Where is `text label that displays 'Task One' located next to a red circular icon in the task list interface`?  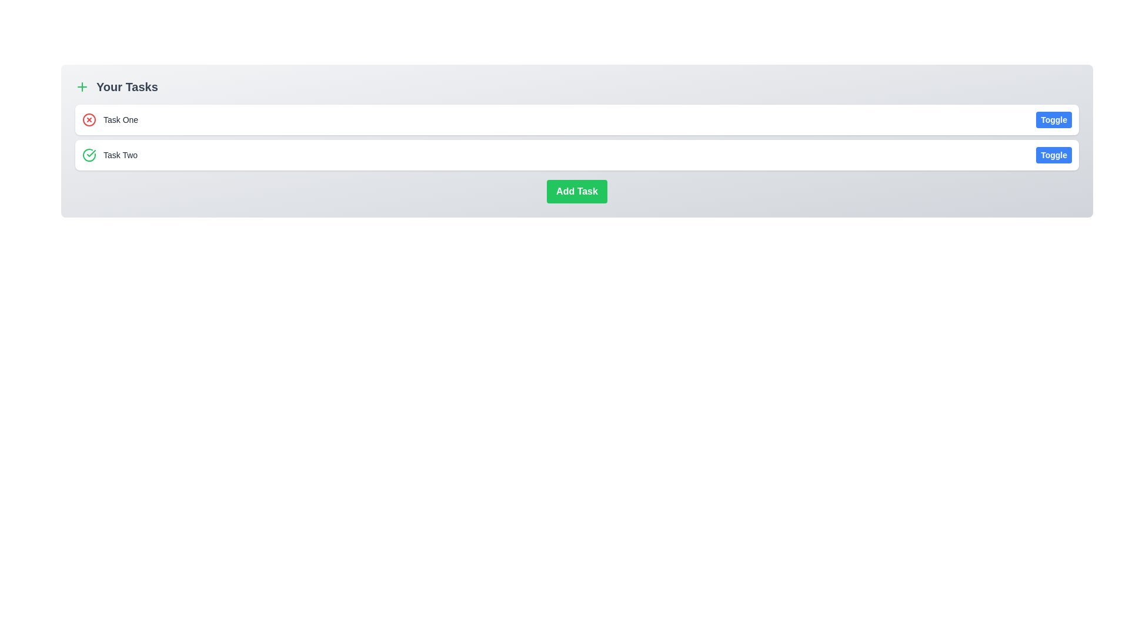
text label that displays 'Task One' located next to a red circular icon in the task list interface is located at coordinates (121, 120).